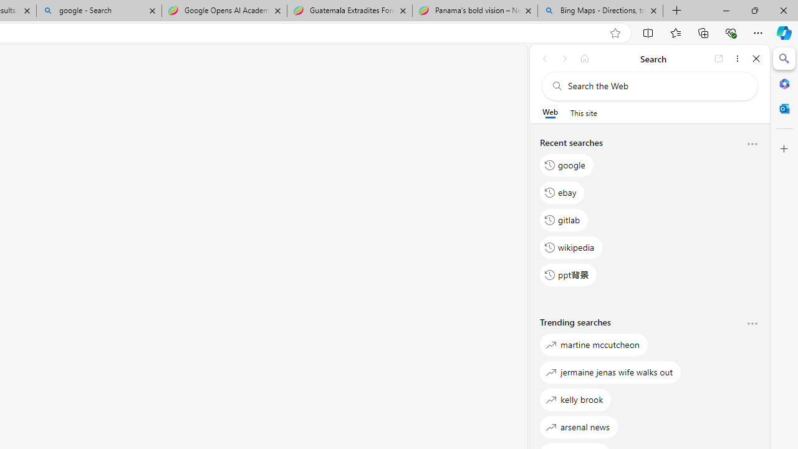  What do you see at coordinates (566, 164) in the screenshot?
I see `'google'` at bounding box center [566, 164].